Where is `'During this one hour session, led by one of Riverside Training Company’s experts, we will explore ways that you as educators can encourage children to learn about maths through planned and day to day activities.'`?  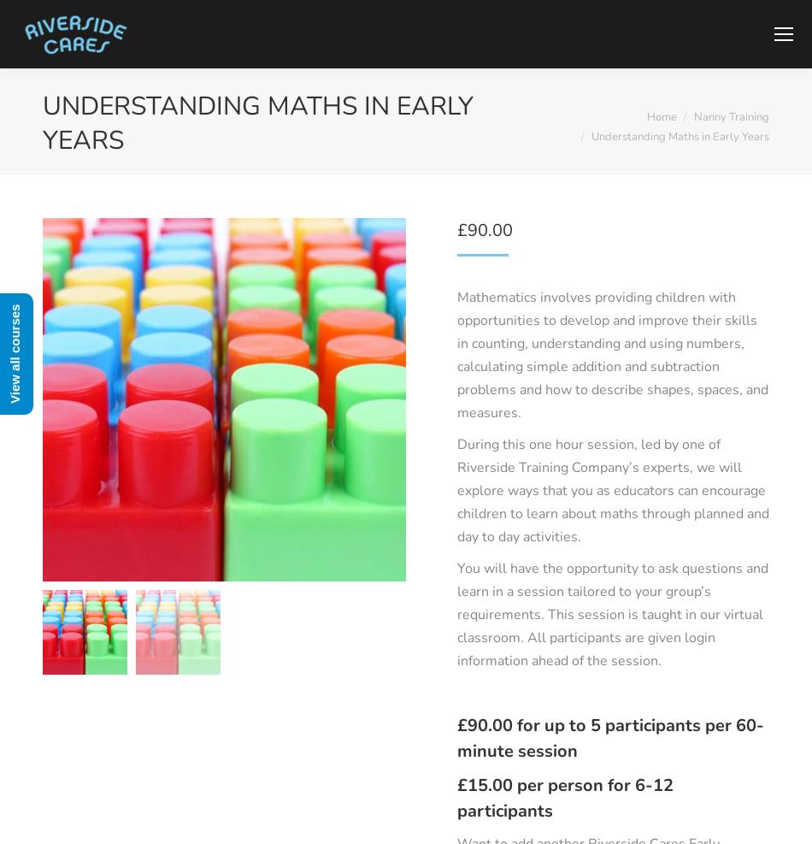
'During this one hour session, led by one of Riverside Training Company’s experts, we will explore ways that you as educators can encourage children to learn about maths through planned and day to day activities.' is located at coordinates (612, 490).